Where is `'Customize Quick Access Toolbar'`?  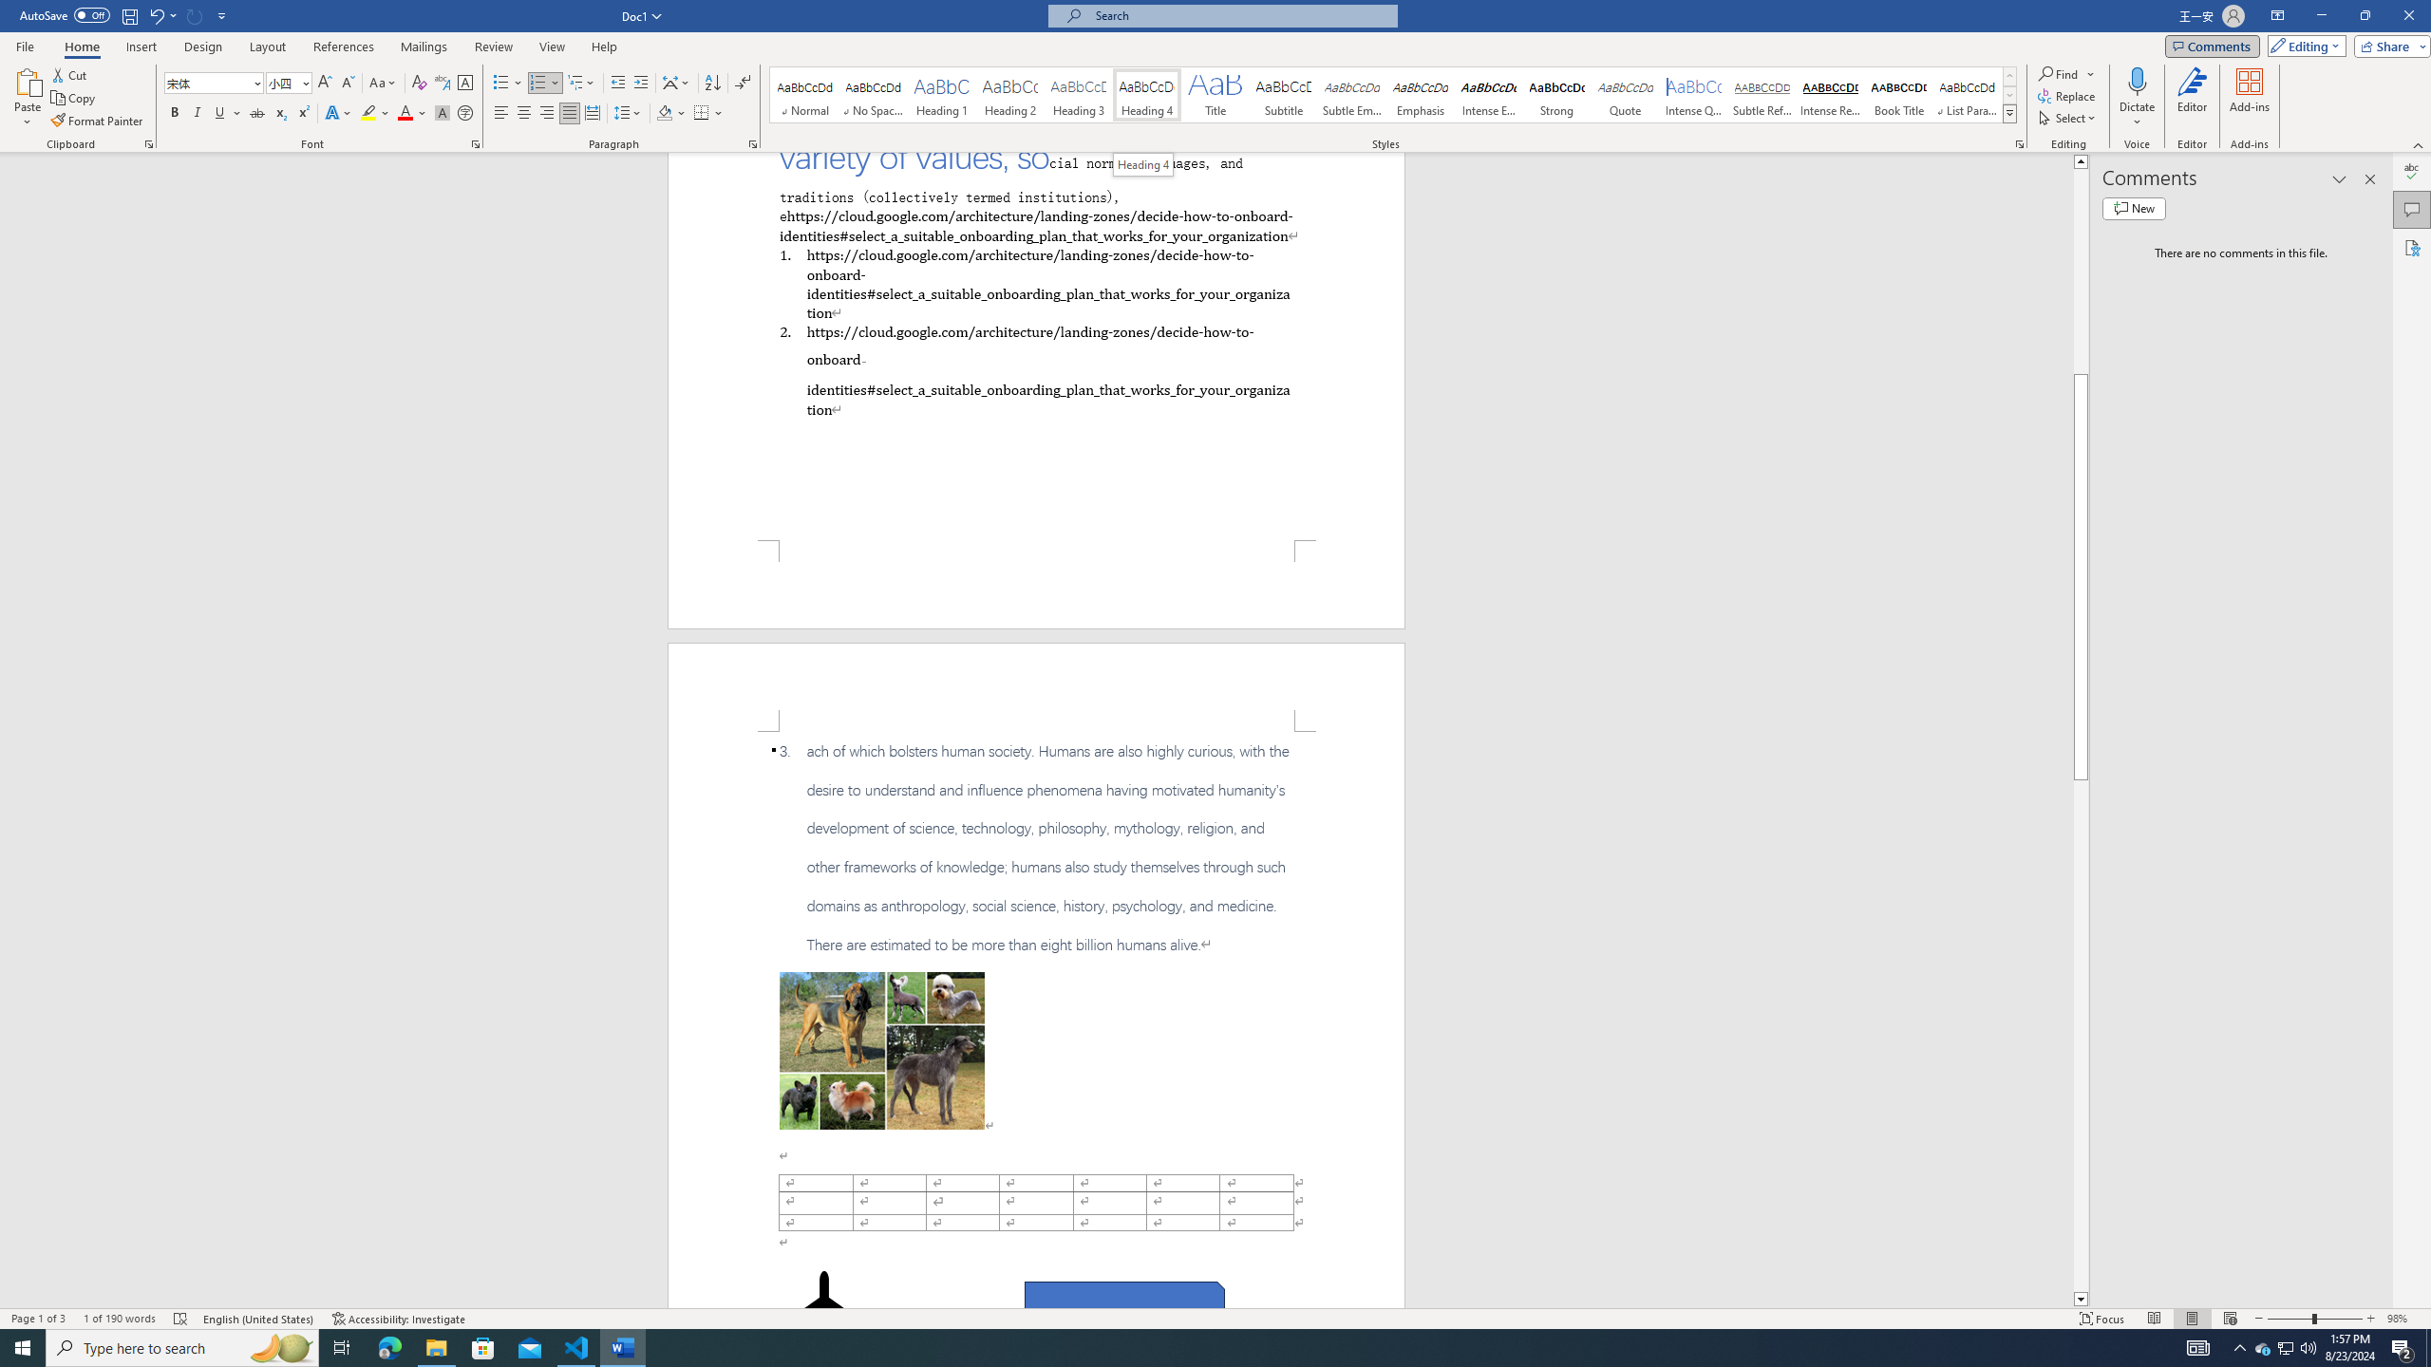 'Customize Quick Access Toolbar' is located at coordinates (221, 14).